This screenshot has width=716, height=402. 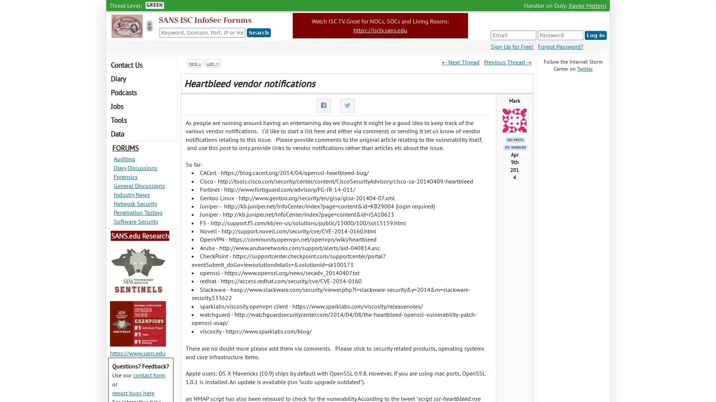 I want to click on Log In, so click(x=595, y=35).